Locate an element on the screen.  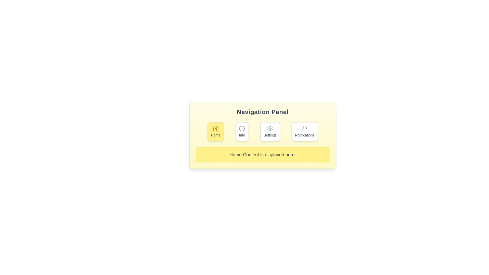
cogwheel-shaped icon representing settings functionality in the navigation panel using developer tools is located at coordinates (270, 128).